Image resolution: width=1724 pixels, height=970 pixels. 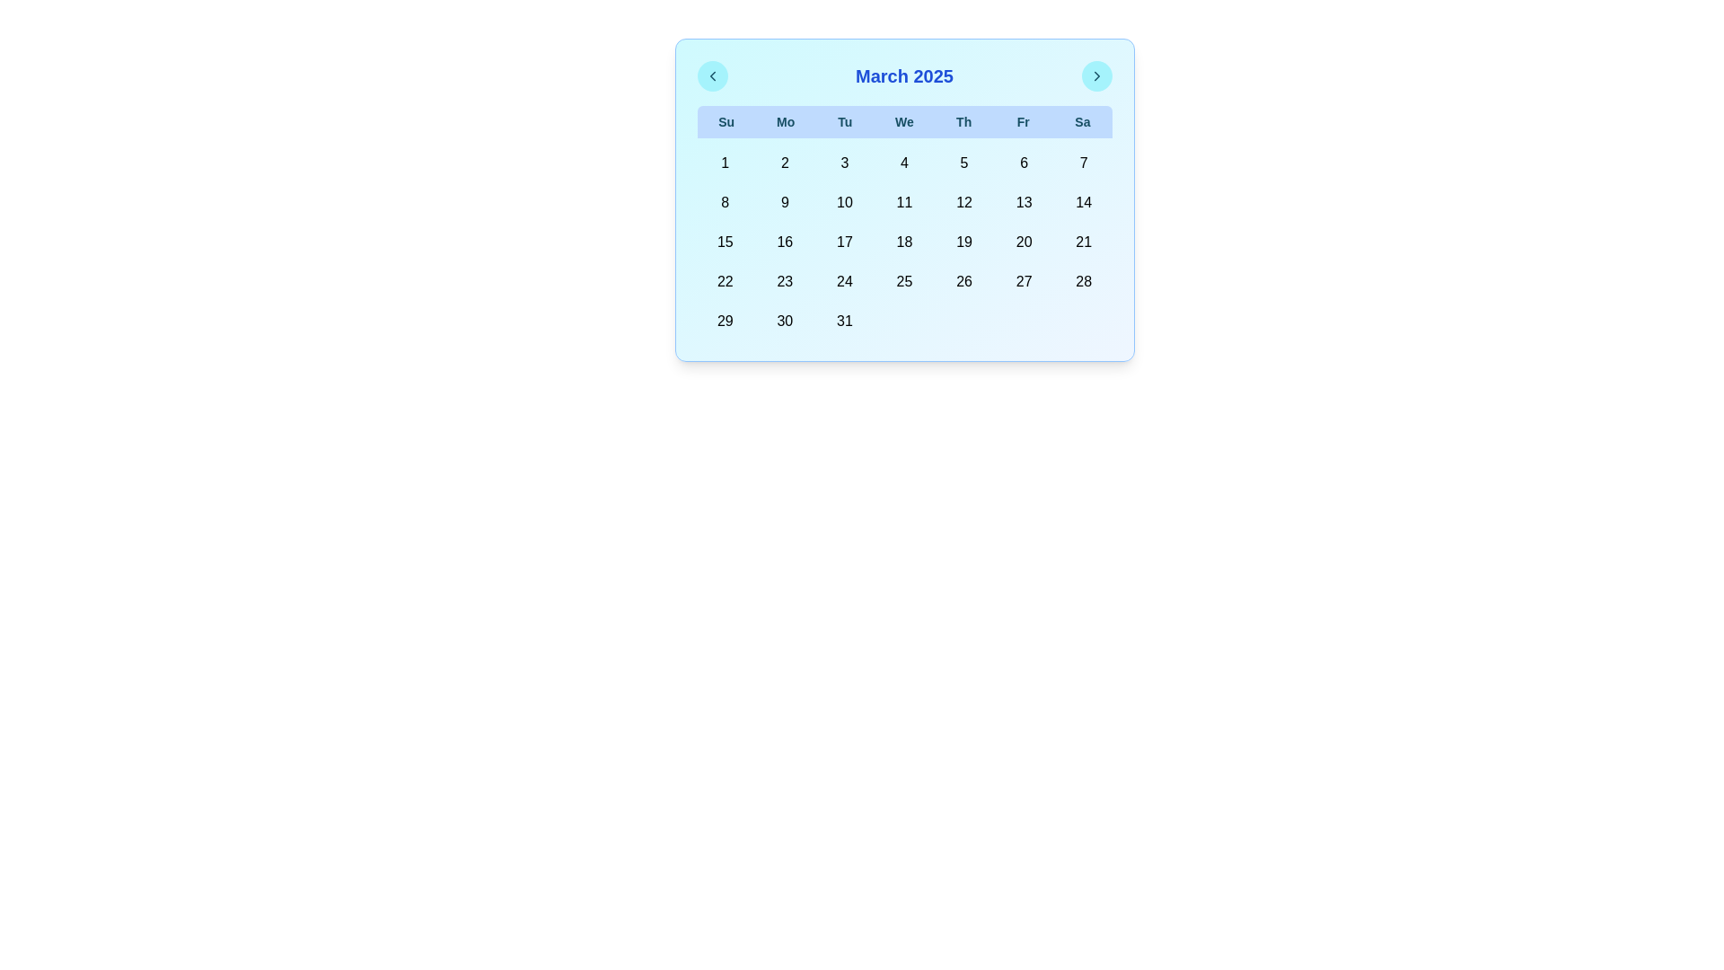 What do you see at coordinates (726, 121) in the screenshot?
I see `the small, bold, cyan-colored text element displaying 'Su' located in the top-left corner of a horizontal grid in the calendar component` at bounding box center [726, 121].